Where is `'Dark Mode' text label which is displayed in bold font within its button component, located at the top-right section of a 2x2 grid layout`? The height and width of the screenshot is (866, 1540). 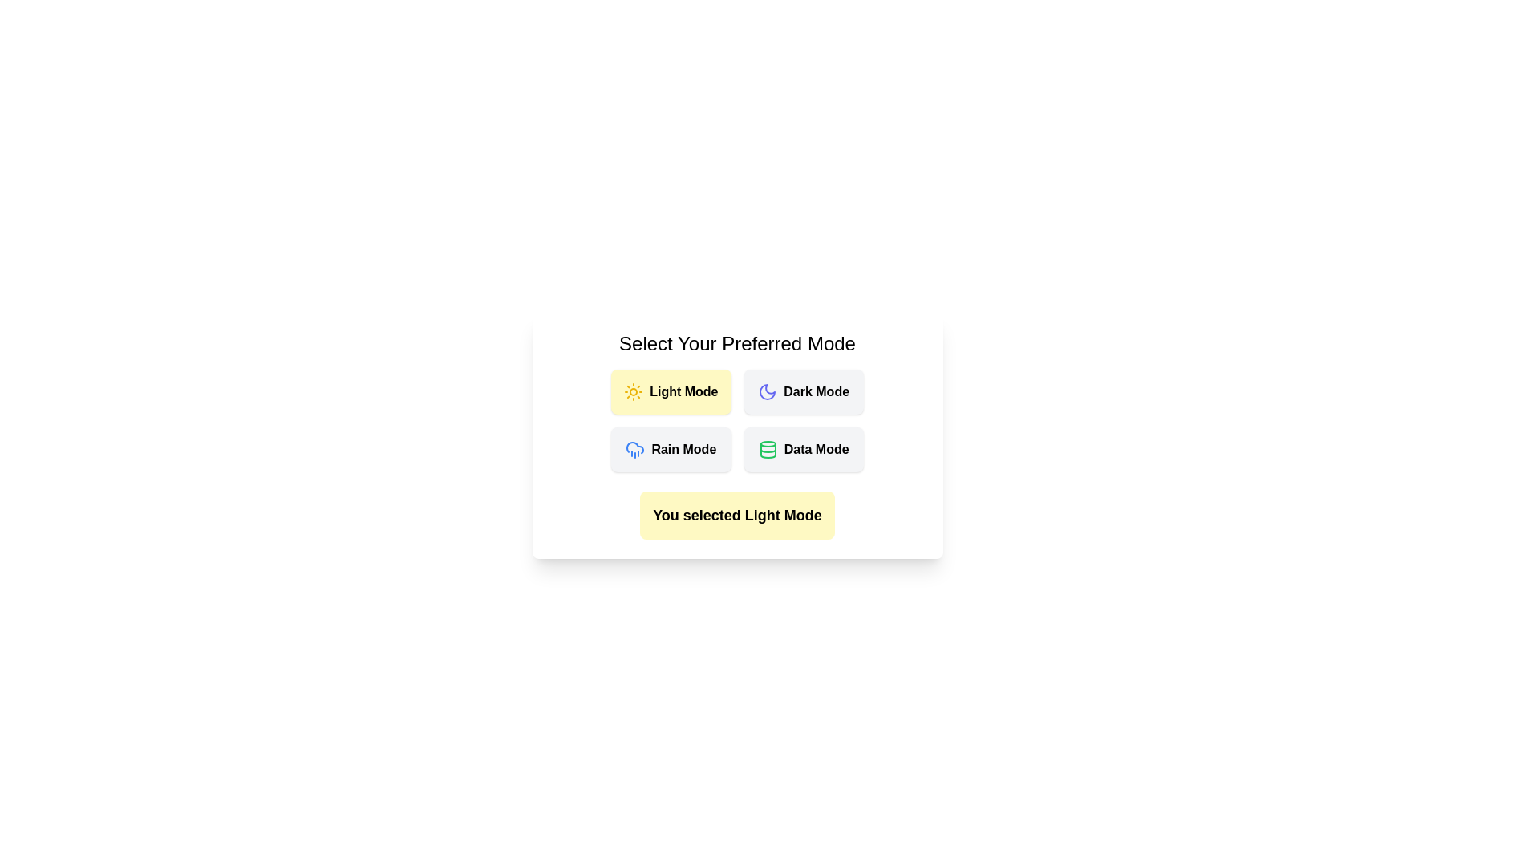 'Dark Mode' text label which is displayed in bold font within its button component, located at the top-right section of a 2x2 grid layout is located at coordinates (817, 392).